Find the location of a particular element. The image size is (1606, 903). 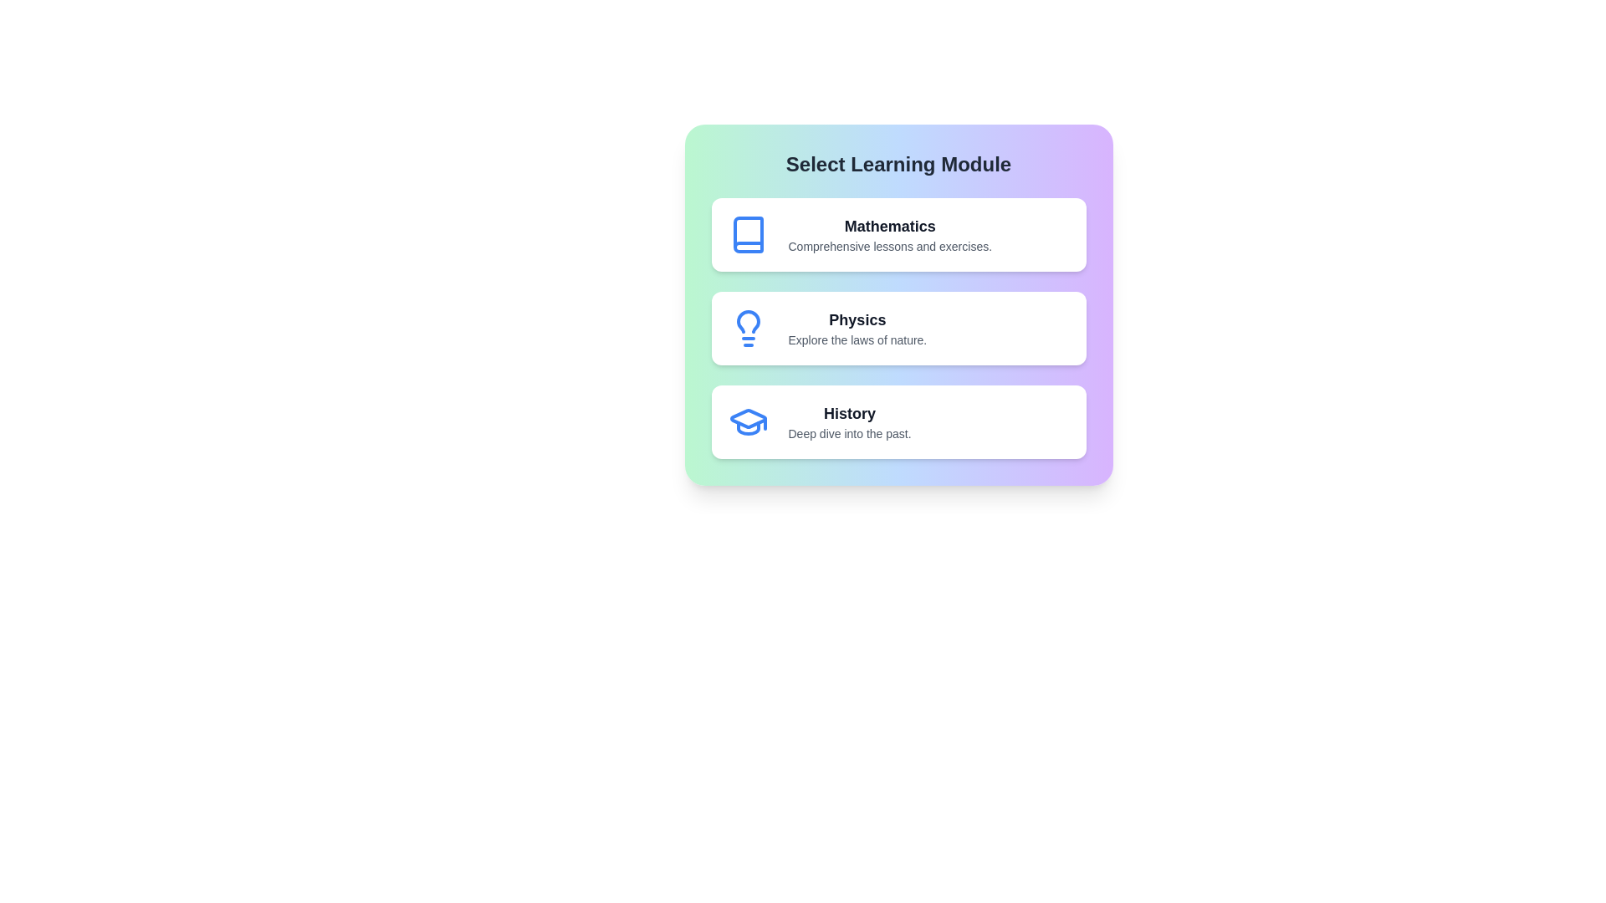

the Mathematics module to see the hover effect is located at coordinates (898, 235).